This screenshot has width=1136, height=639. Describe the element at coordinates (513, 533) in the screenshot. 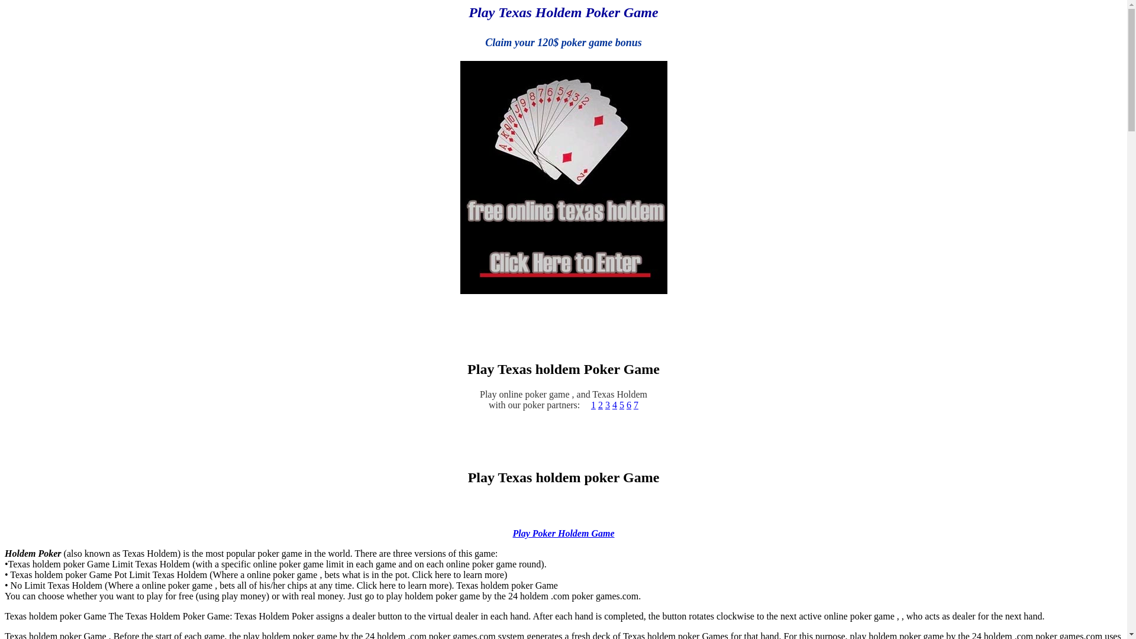

I see `'Play Poker Holdem Game'` at that location.